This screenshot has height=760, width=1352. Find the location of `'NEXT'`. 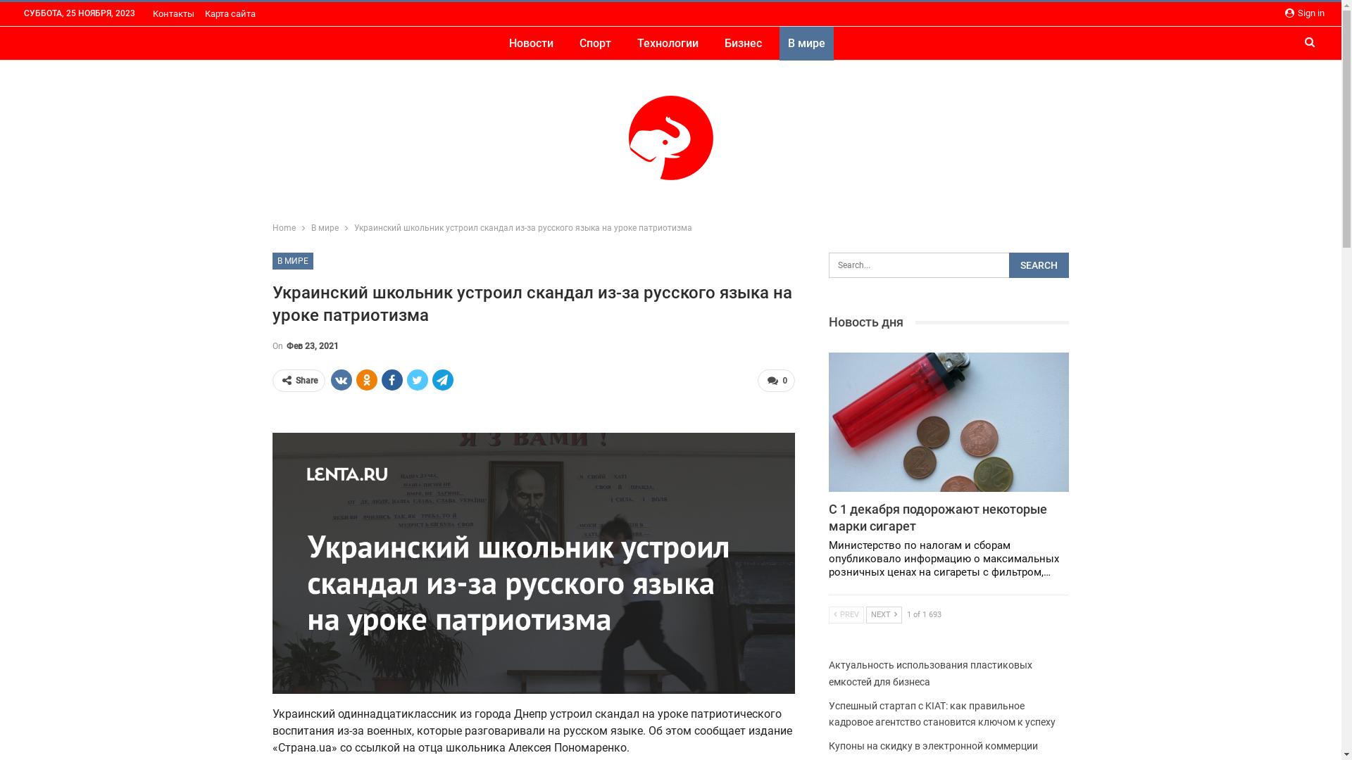

'NEXT' is located at coordinates (883, 614).